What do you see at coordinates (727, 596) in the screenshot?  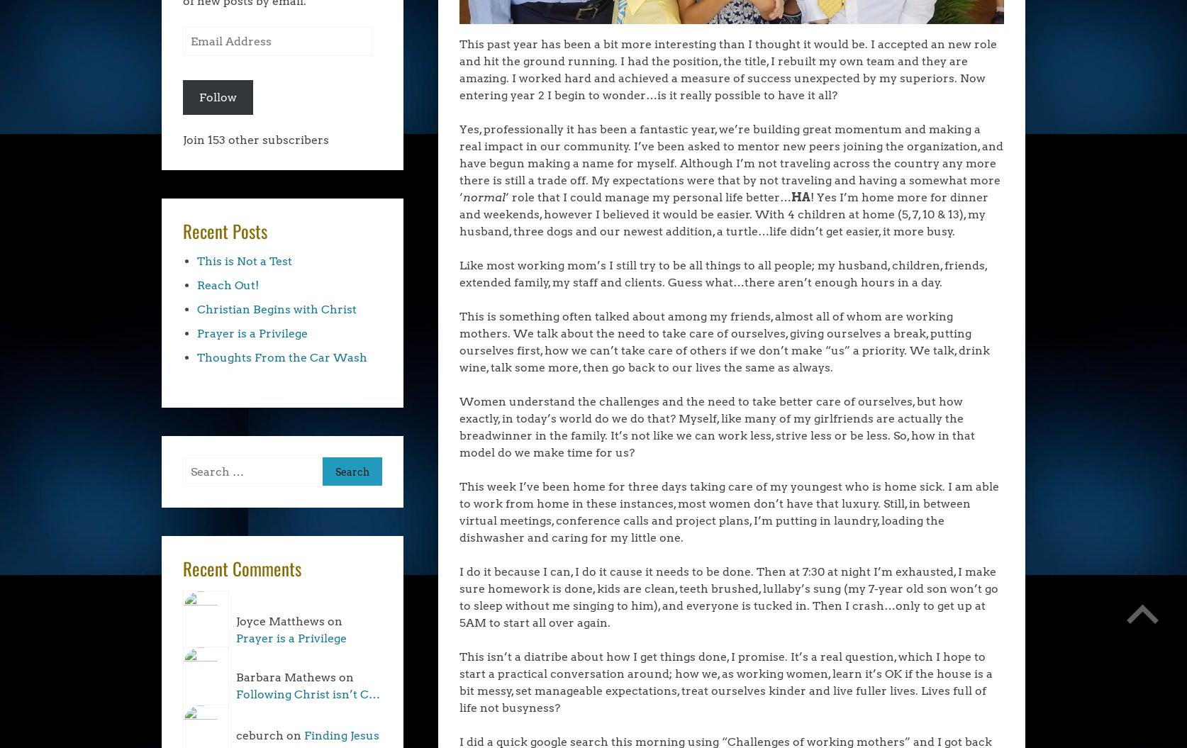 I see `'I do it because I can, I do it cause it needs to be done. Then at 7:30 at night I’m exhausted, I make sure homework is done, kids are clean, teeth brushed, lullaby’s sung (my 7-year old son won’t go to sleep without me singing to him), and everyone is tucked in. Then I crash…only to get up at 5AM to start all over again.'` at bounding box center [727, 596].